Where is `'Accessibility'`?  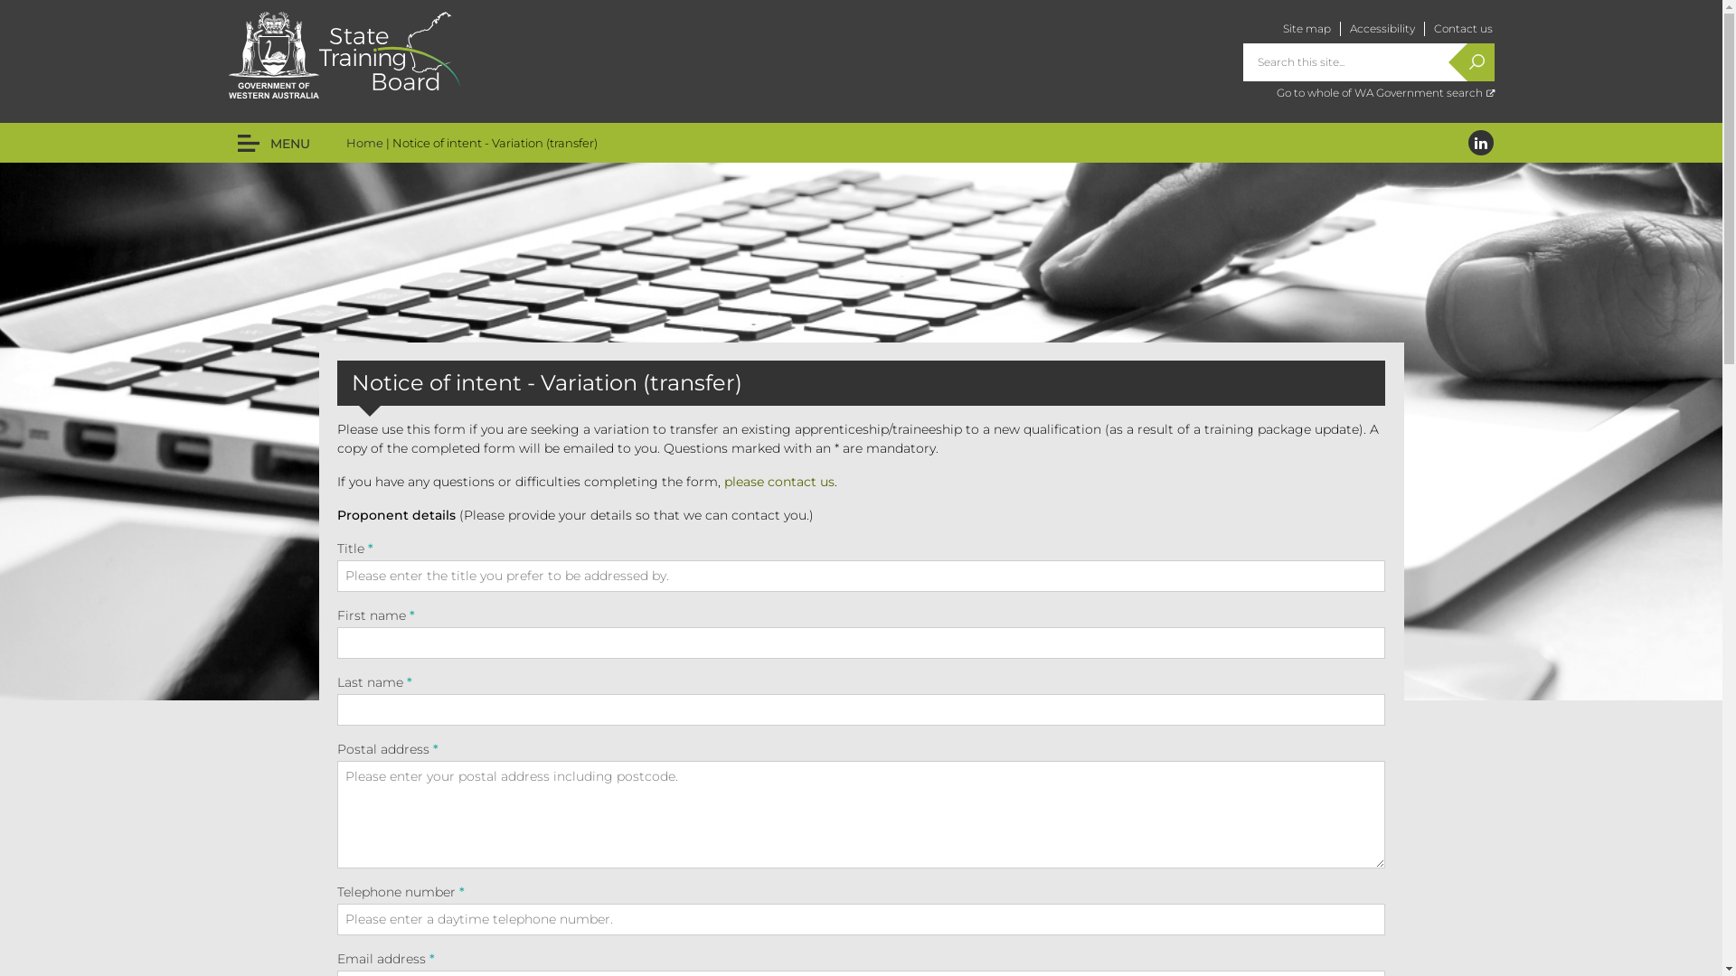 'Accessibility' is located at coordinates (1380, 28).